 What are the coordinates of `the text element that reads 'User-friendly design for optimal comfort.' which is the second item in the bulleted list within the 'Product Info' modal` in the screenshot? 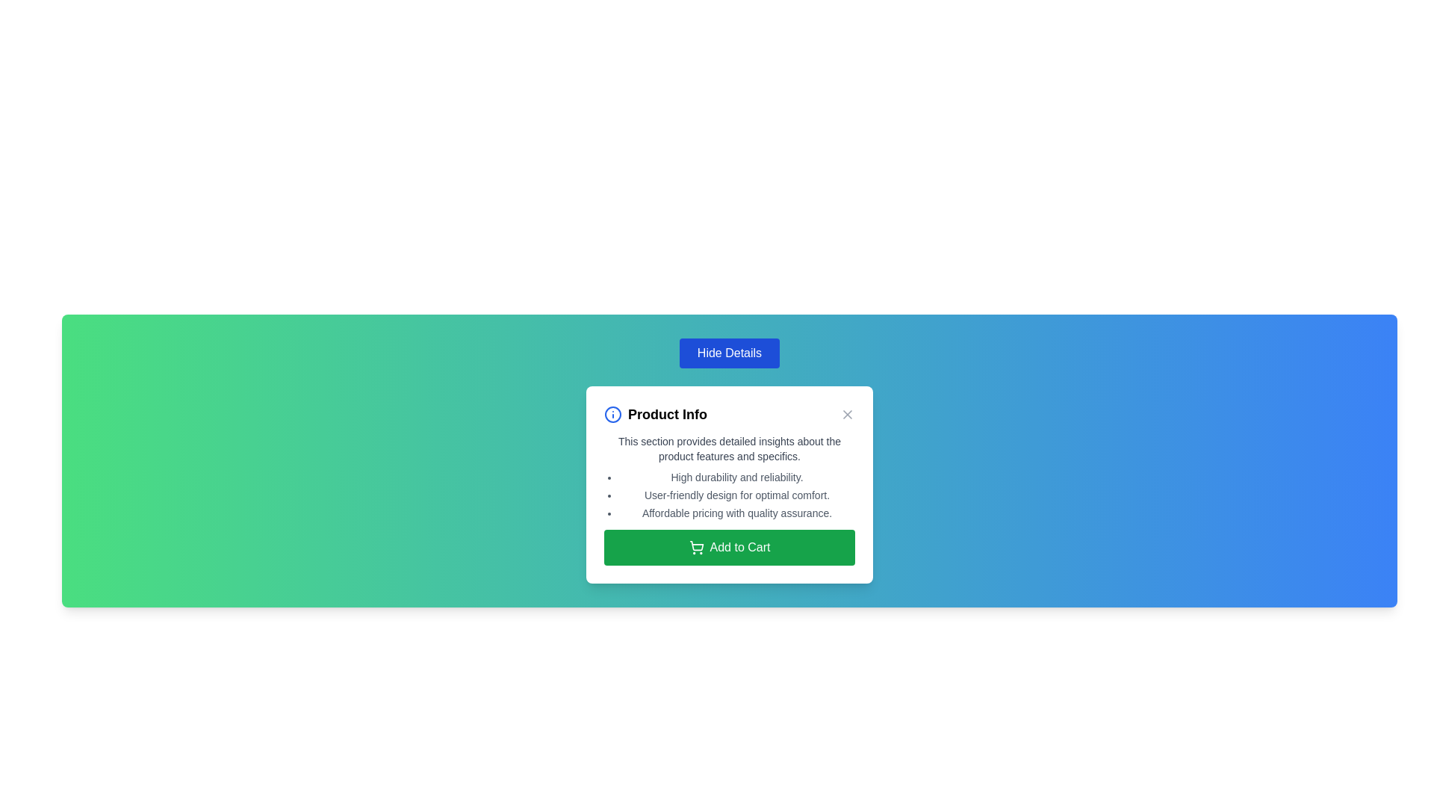 It's located at (737, 495).